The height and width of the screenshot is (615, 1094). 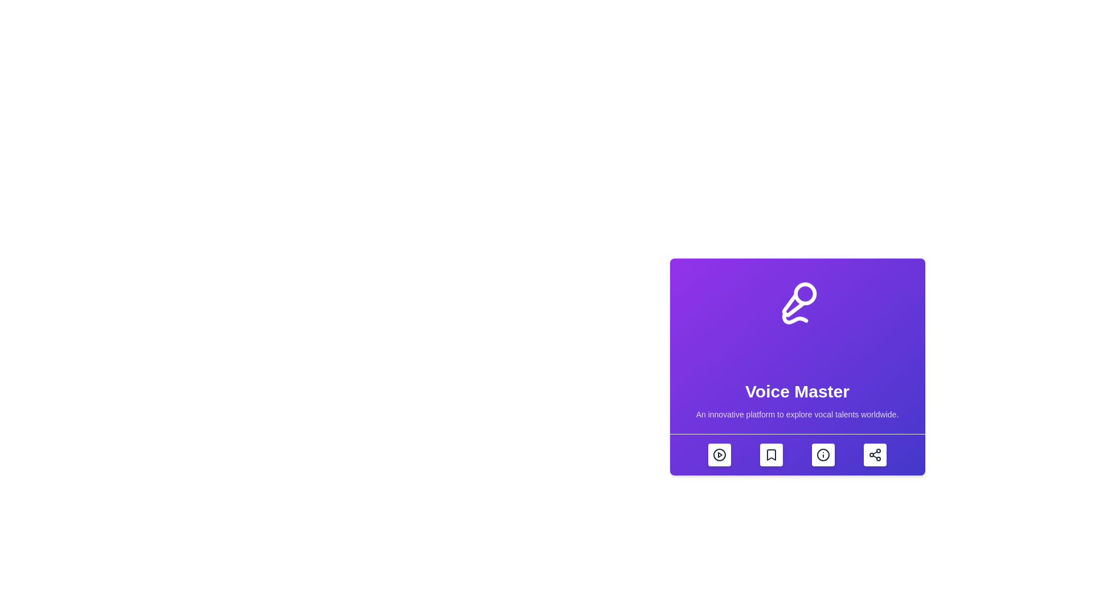 What do you see at coordinates (719, 454) in the screenshot?
I see `the 'Play' button located at the bottom of the 'Voice Master' purple card` at bounding box center [719, 454].